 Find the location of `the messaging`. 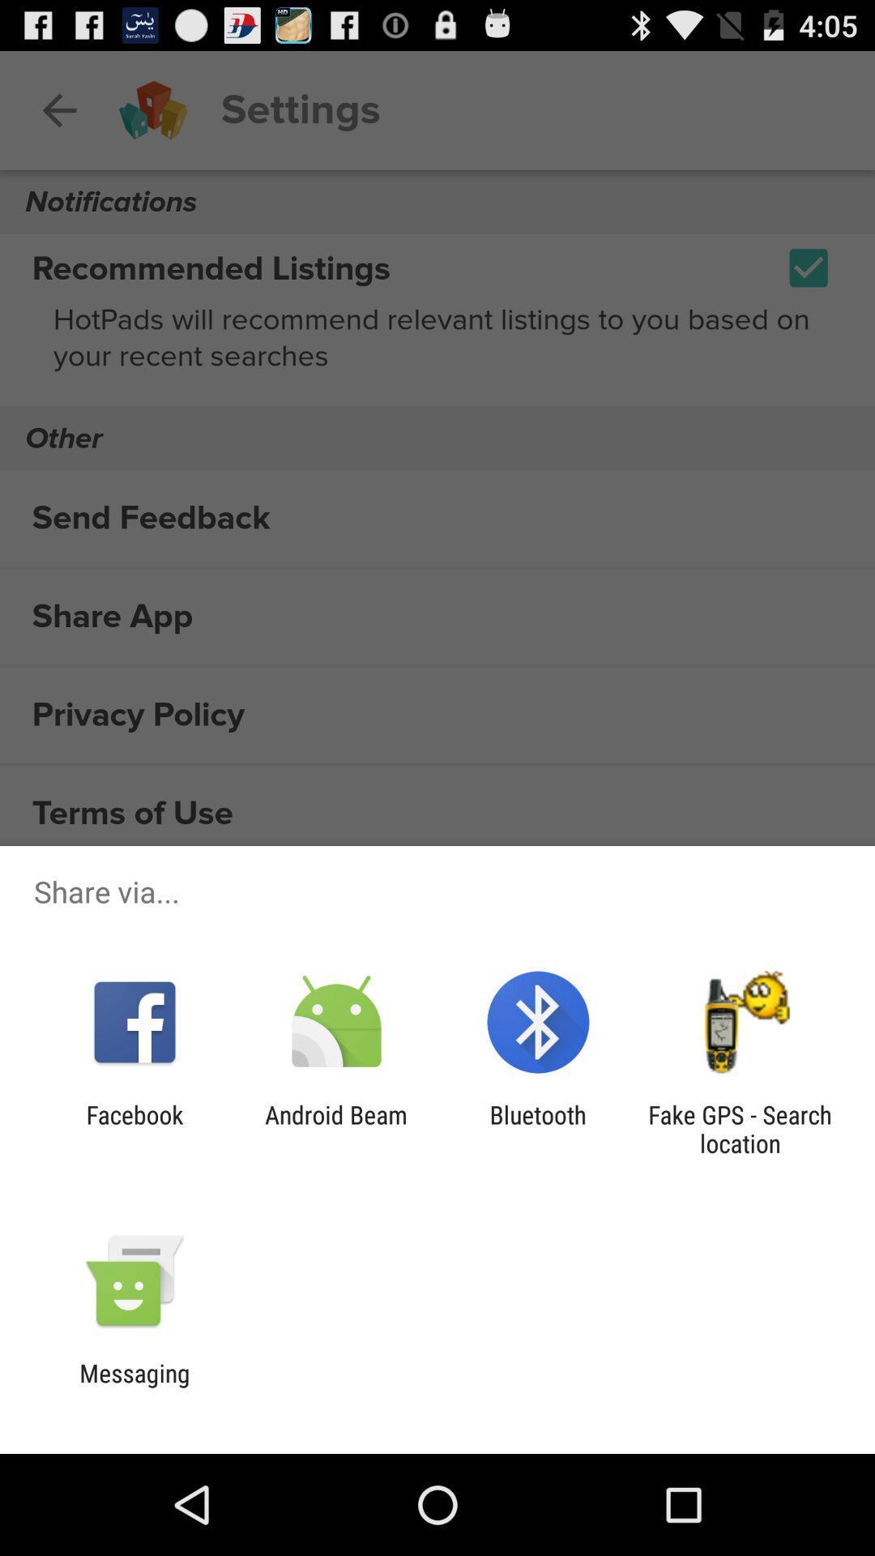

the messaging is located at coordinates (134, 1387).